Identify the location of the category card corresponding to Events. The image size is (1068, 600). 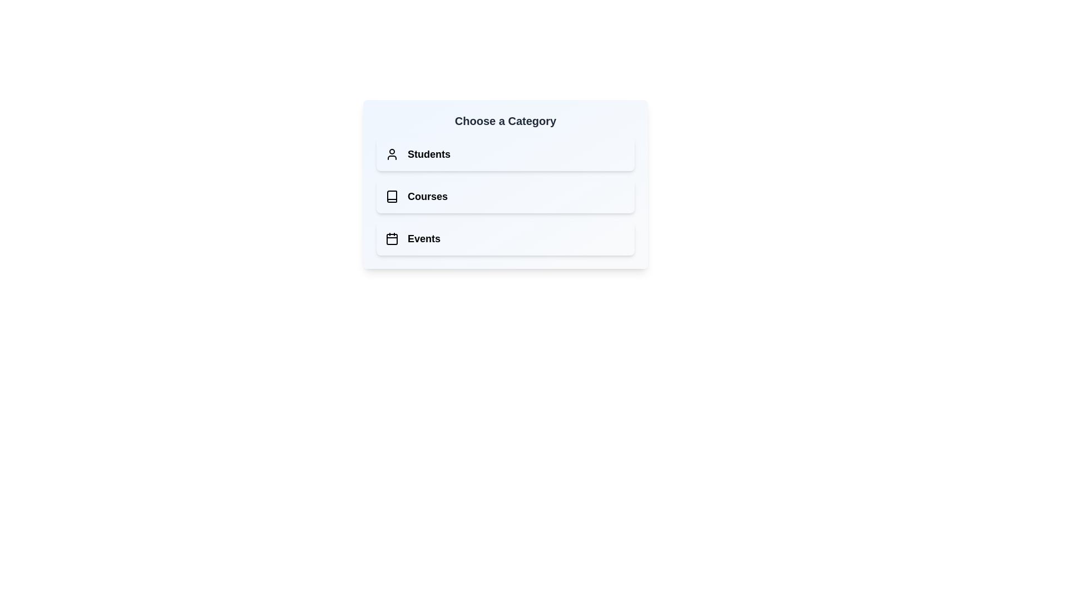
(505, 238).